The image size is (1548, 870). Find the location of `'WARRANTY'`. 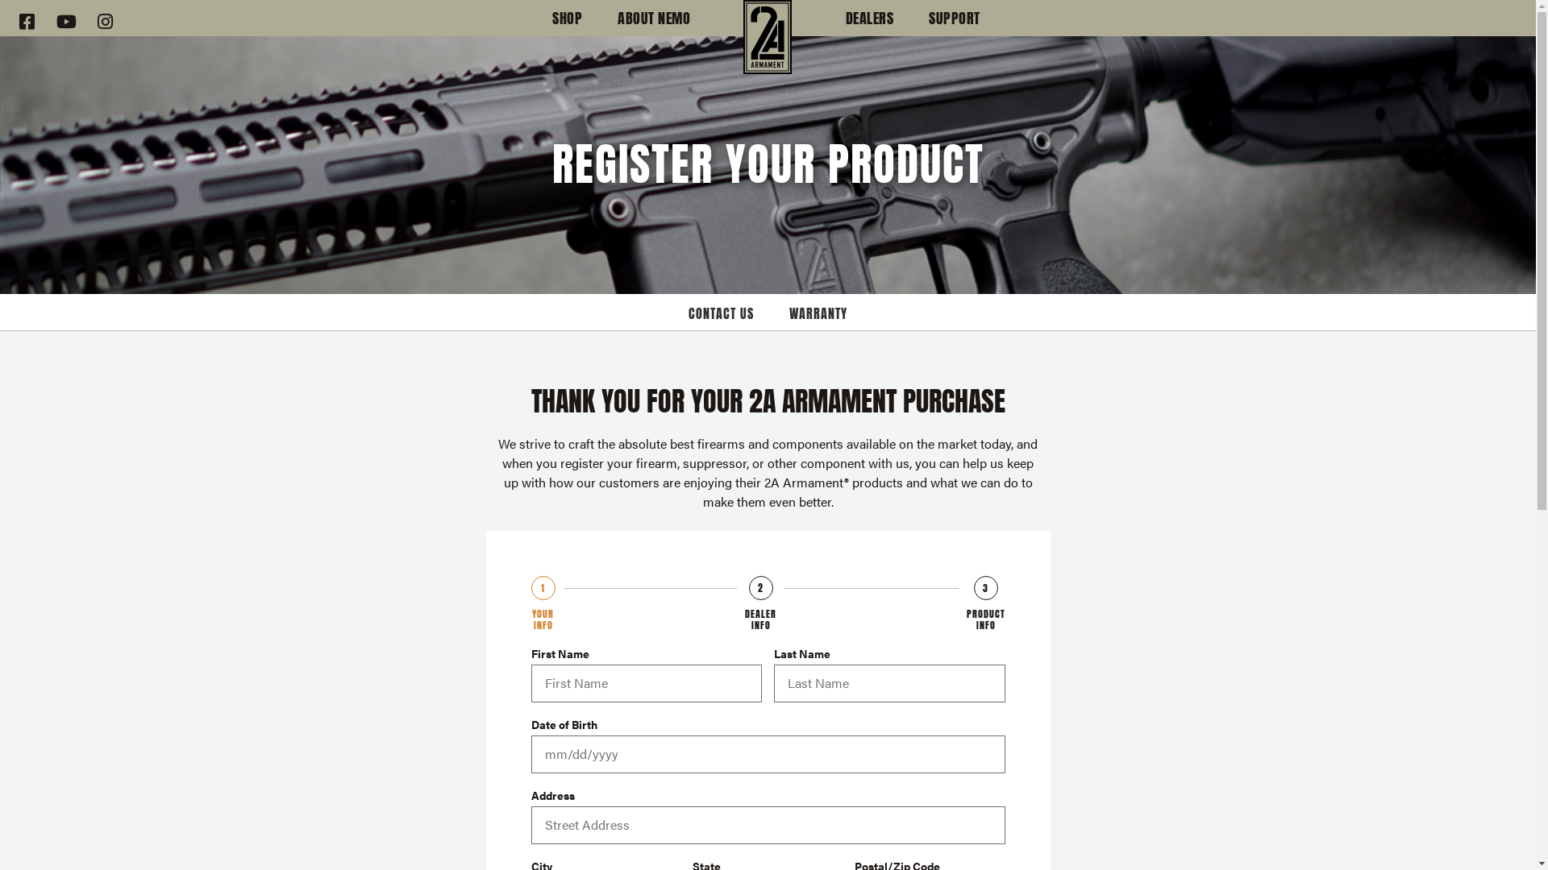

'WARRANTY' is located at coordinates (818, 313).